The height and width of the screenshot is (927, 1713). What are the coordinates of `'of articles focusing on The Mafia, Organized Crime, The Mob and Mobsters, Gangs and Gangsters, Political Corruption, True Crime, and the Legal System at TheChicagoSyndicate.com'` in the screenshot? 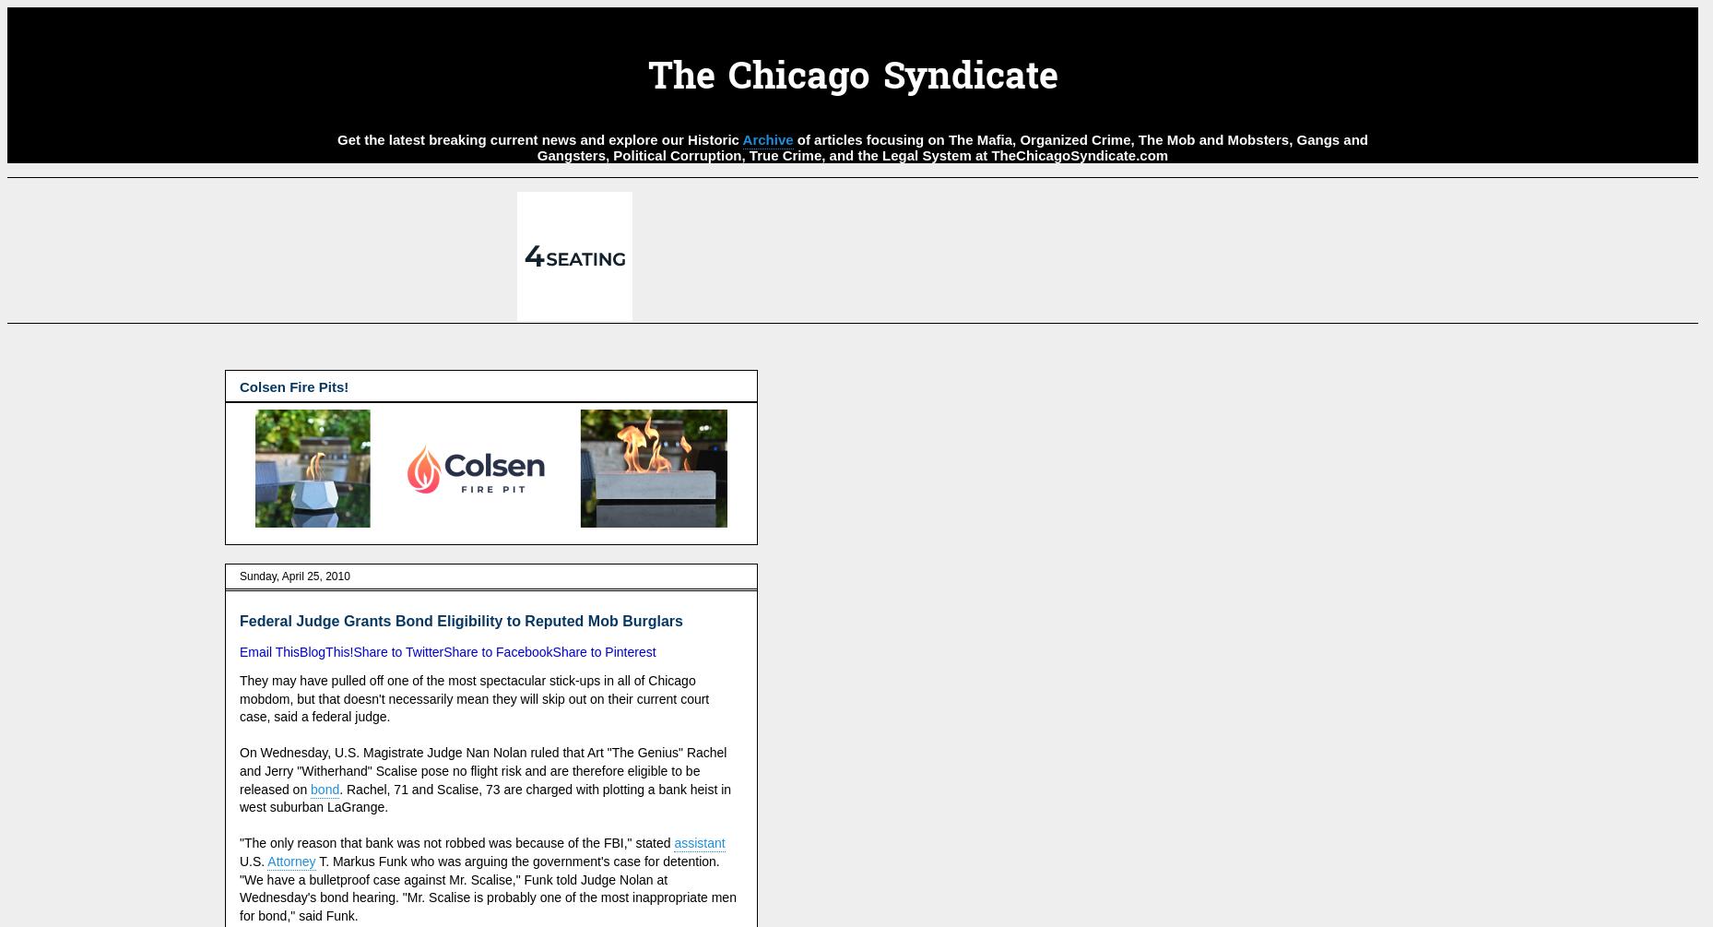 It's located at (535, 146).